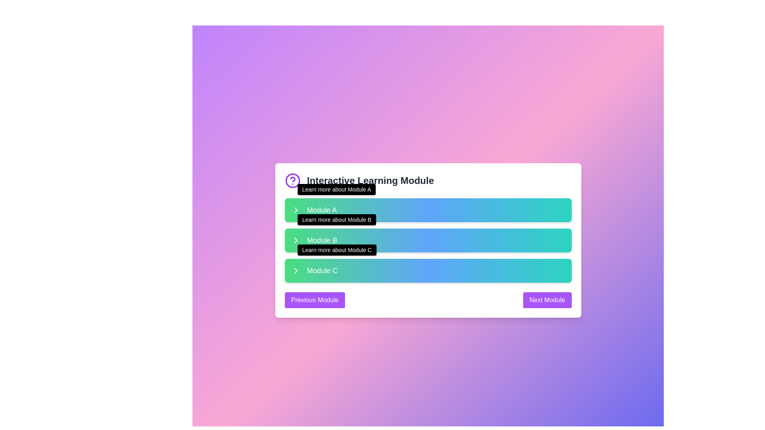  What do you see at coordinates (314, 300) in the screenshot?
I see `the rectangular 'Previous Module' button with white text and a purple background` at bounding box center [314, 300].